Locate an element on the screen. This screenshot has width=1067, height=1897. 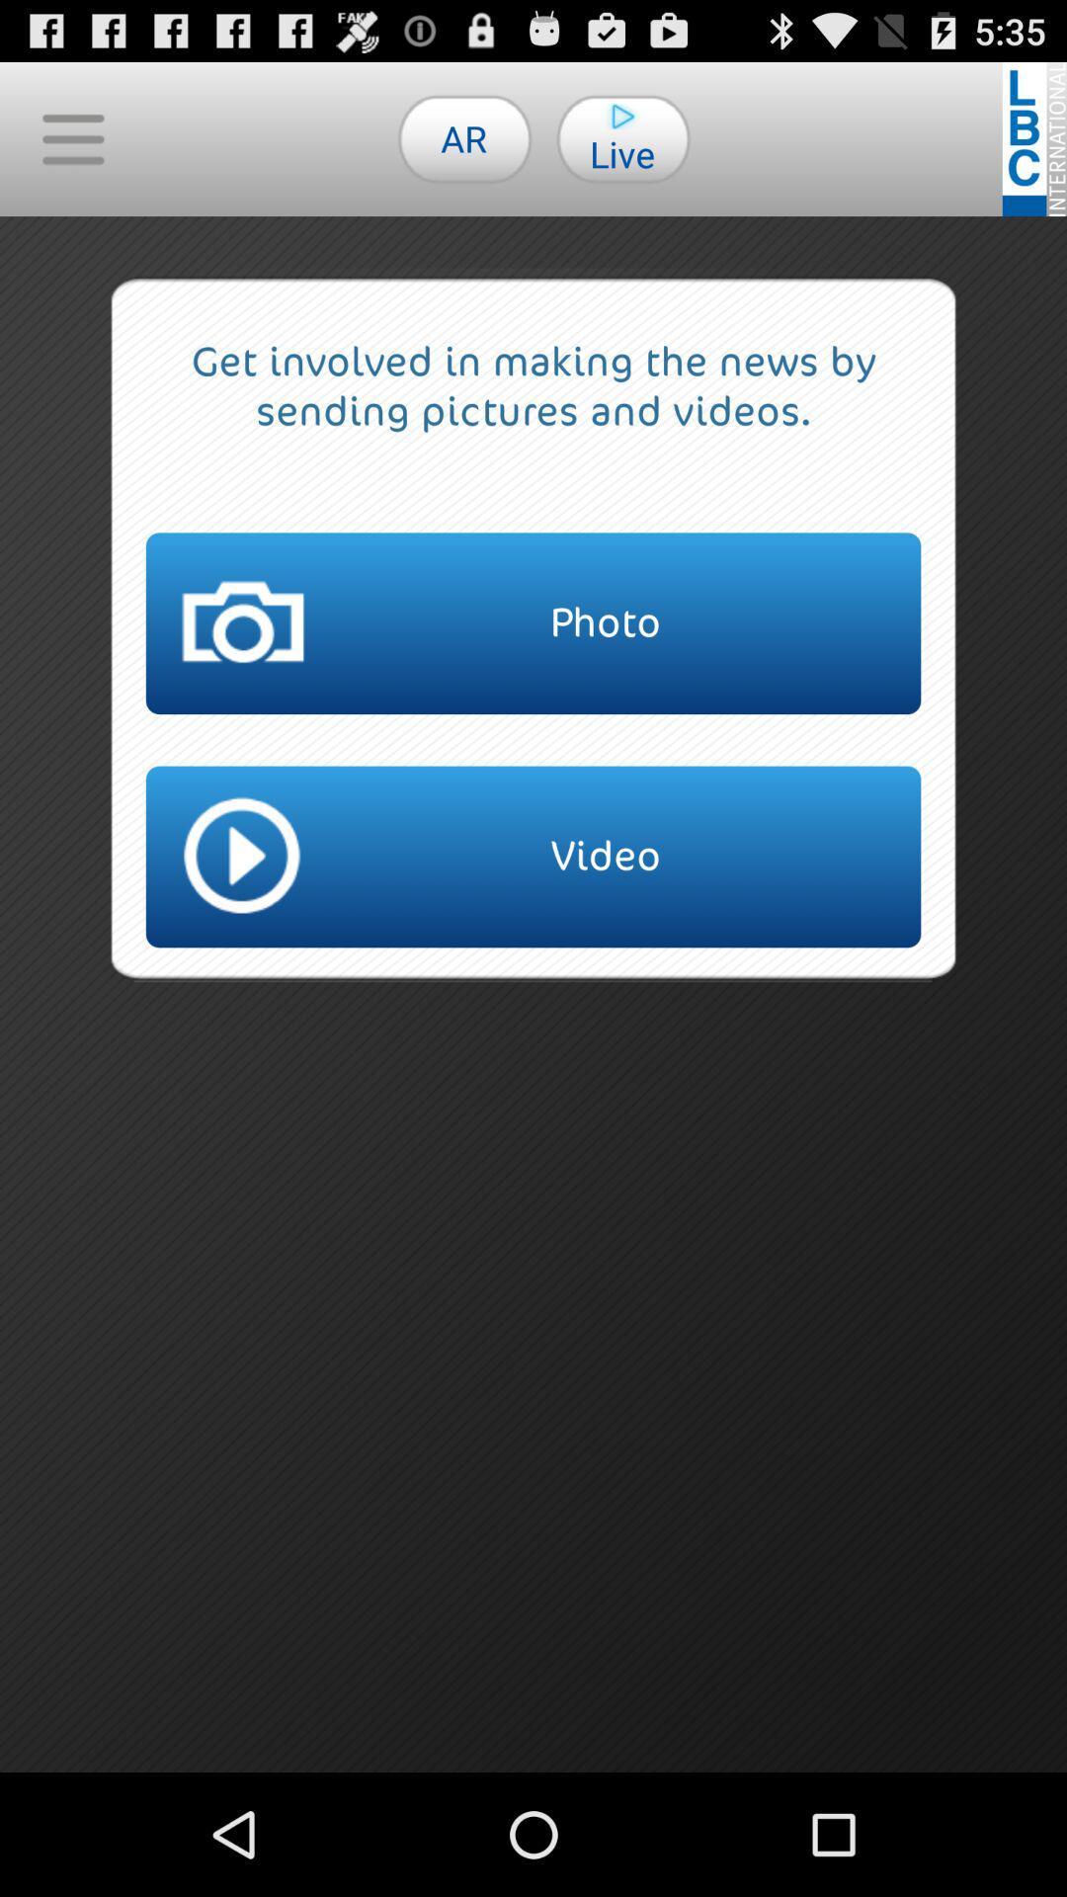
the icon to the left of the ar icon is located at coordinates (71, 137).